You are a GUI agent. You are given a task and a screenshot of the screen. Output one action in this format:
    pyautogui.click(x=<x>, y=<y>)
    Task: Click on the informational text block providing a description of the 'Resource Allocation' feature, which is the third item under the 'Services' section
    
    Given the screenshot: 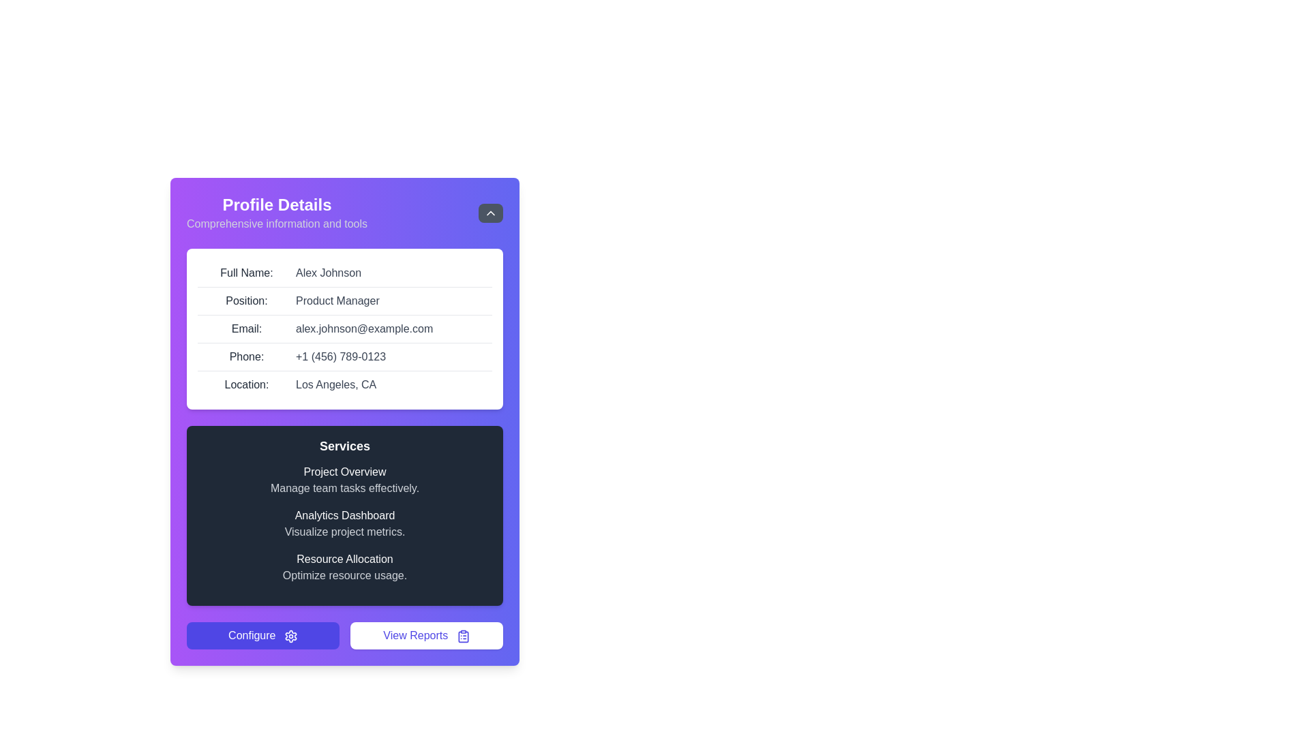 What is the action you would take?
    pyautogui.click(x=344, y=568)
    